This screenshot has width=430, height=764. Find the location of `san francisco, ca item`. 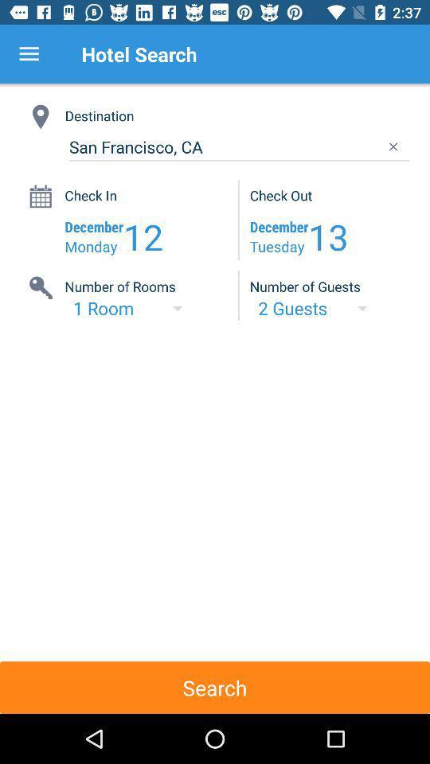

san francisco, ca item is located at coordinates (238, 147).